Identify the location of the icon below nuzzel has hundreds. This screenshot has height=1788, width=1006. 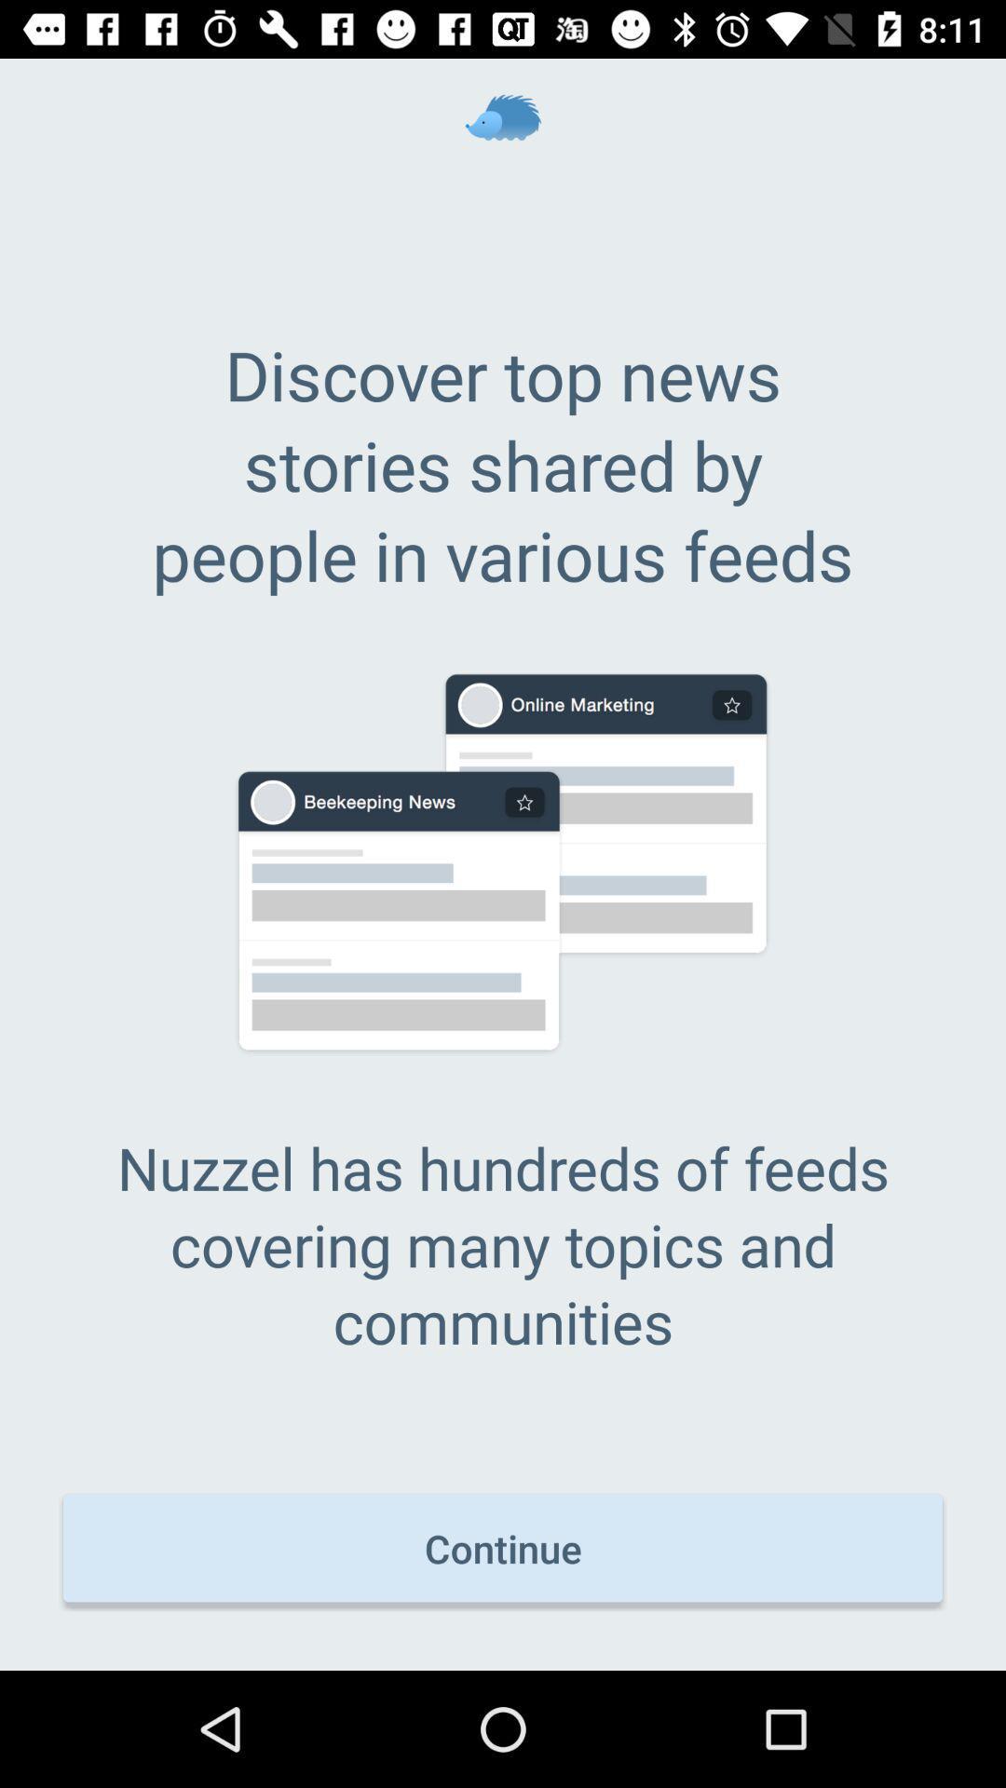
(503, 1548).